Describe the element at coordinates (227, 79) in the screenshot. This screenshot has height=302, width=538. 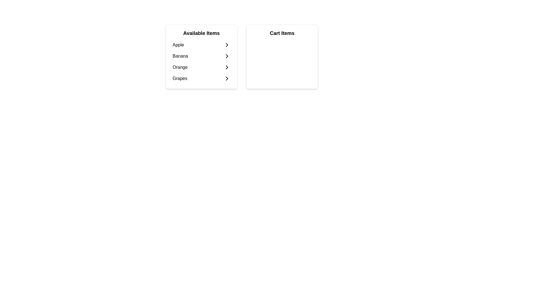
I see `the right-pointing chevron icon located at the far-right end of the 'Grapes' row` at that location.